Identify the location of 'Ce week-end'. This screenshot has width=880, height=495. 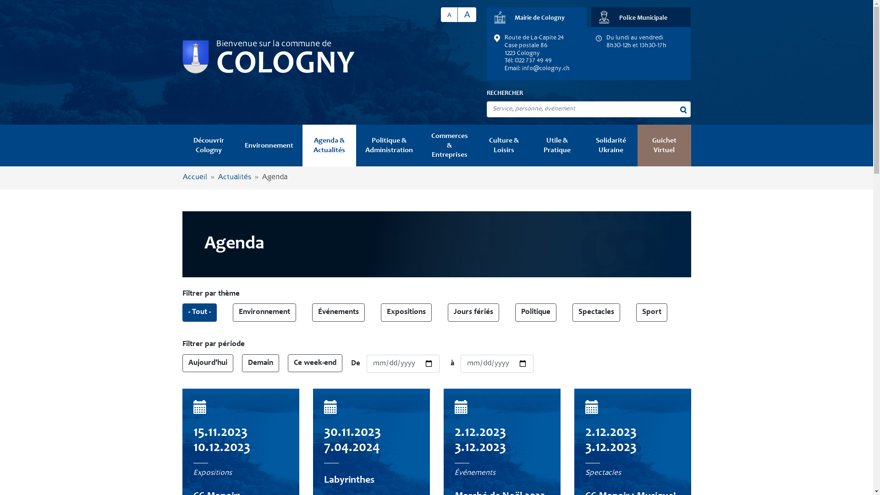
(315, 363).